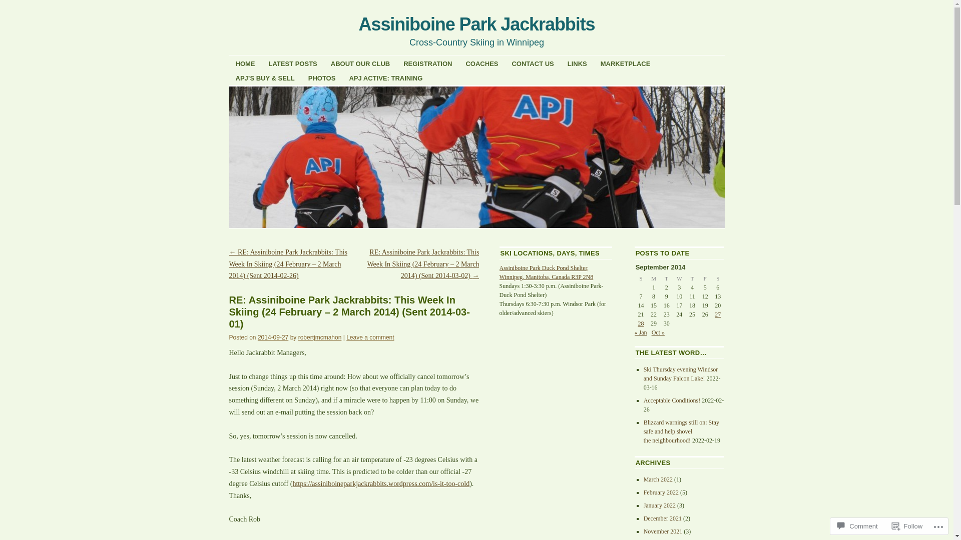 The width and height of the screenshot is (961, 540). I want to click on 'Leave a comment', so click(369, 337).